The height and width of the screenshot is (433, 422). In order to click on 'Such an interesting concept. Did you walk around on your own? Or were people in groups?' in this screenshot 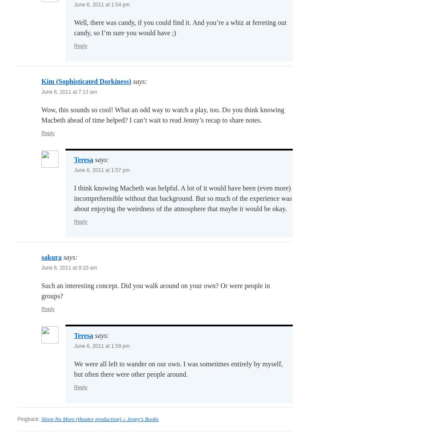, I will do `click(155, 290)`.